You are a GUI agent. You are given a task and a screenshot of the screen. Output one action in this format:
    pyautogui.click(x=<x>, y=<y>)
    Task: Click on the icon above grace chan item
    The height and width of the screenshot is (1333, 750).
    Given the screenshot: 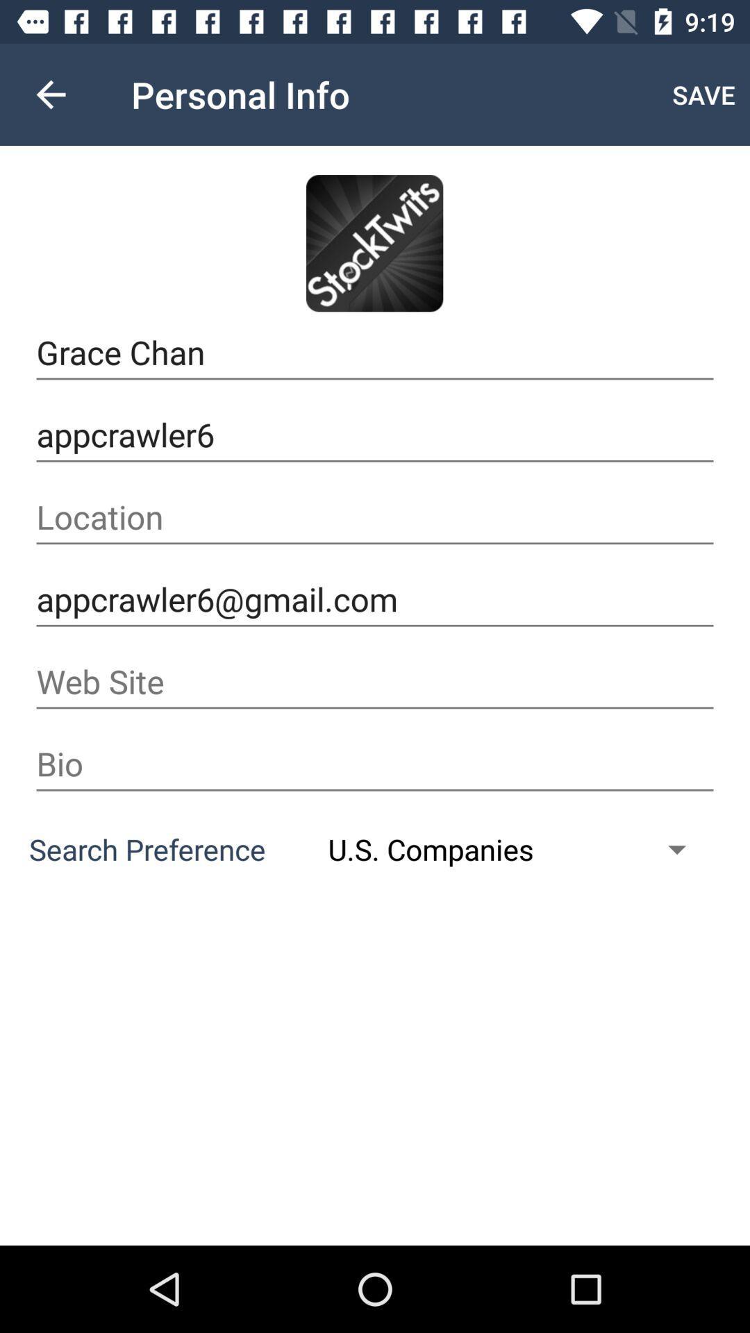 What is the action you would take?
    pyautogui.click(x=703, y=94)
    